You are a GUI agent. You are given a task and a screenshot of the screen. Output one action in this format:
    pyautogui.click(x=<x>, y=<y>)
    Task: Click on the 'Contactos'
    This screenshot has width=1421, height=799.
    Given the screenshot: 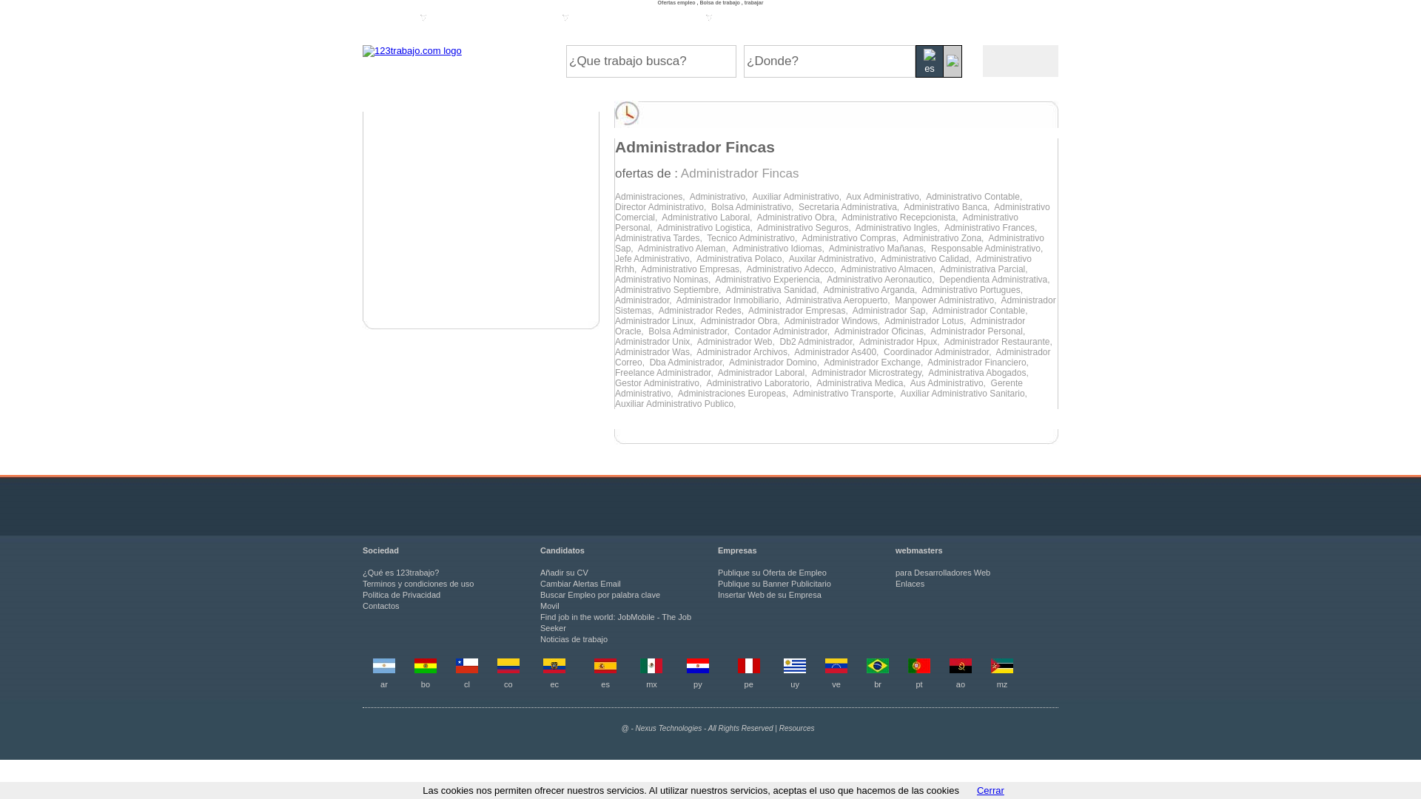 What is the action you would take?
    pyautogui.click(x=362, y=605)
    